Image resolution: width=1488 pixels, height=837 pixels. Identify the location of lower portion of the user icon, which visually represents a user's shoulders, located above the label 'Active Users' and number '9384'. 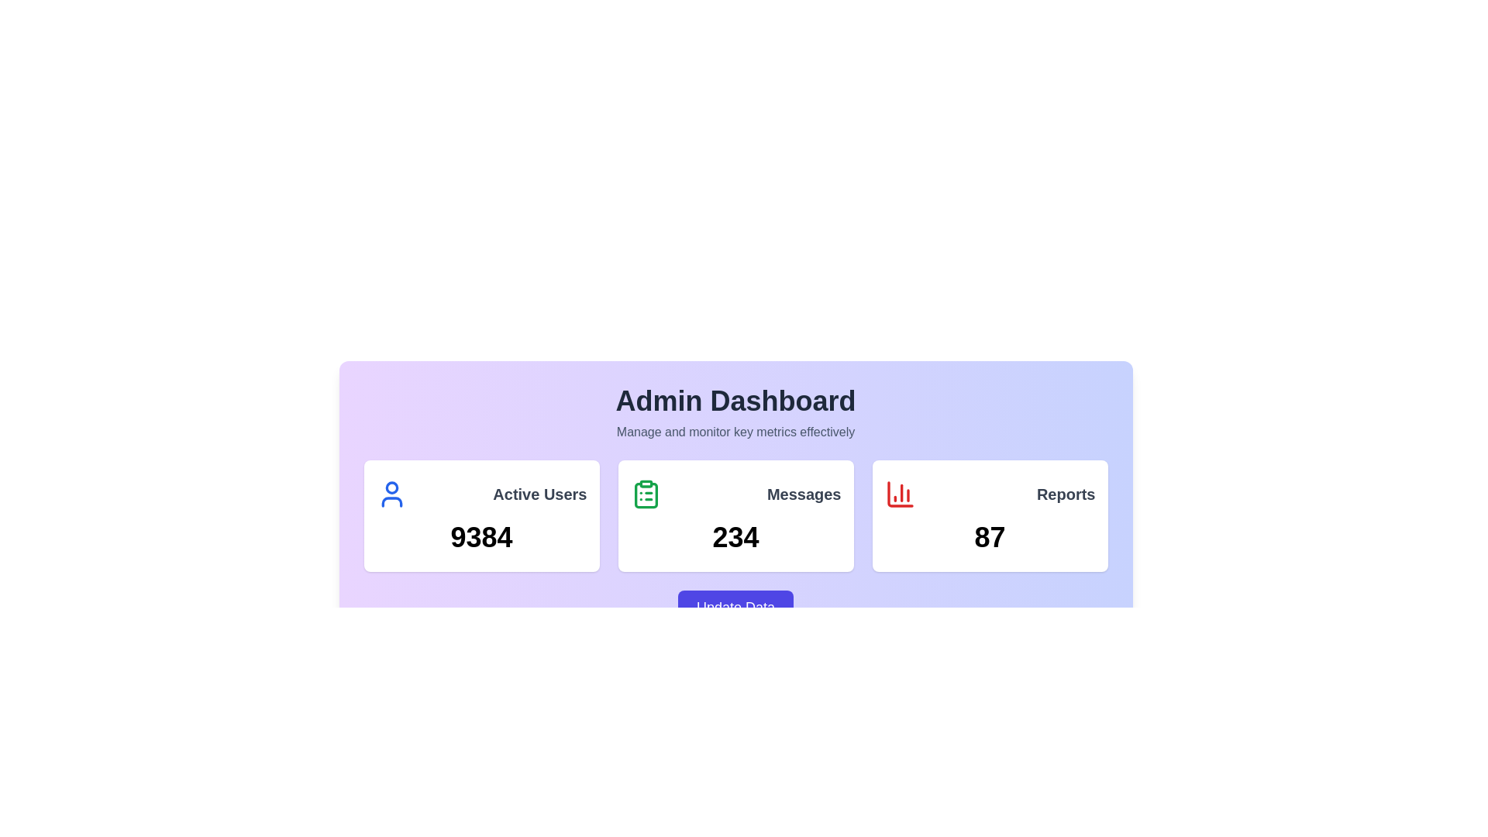
(391, 502).